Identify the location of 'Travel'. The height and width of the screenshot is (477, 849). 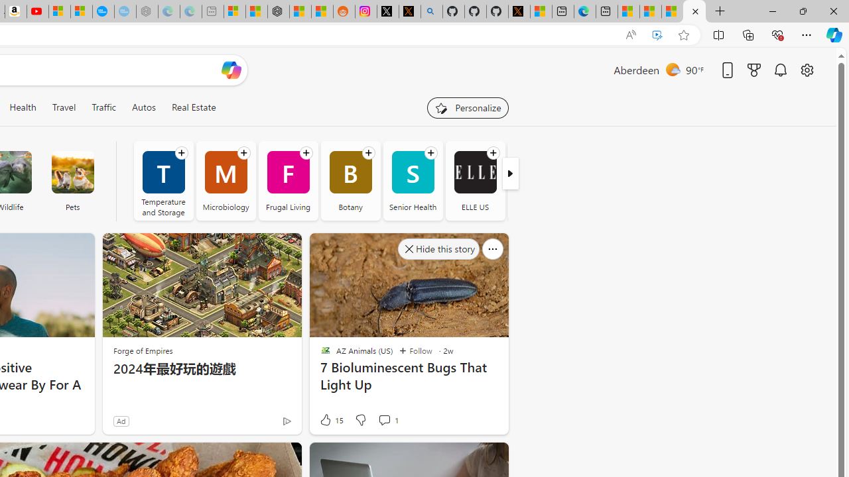
(63, 107).